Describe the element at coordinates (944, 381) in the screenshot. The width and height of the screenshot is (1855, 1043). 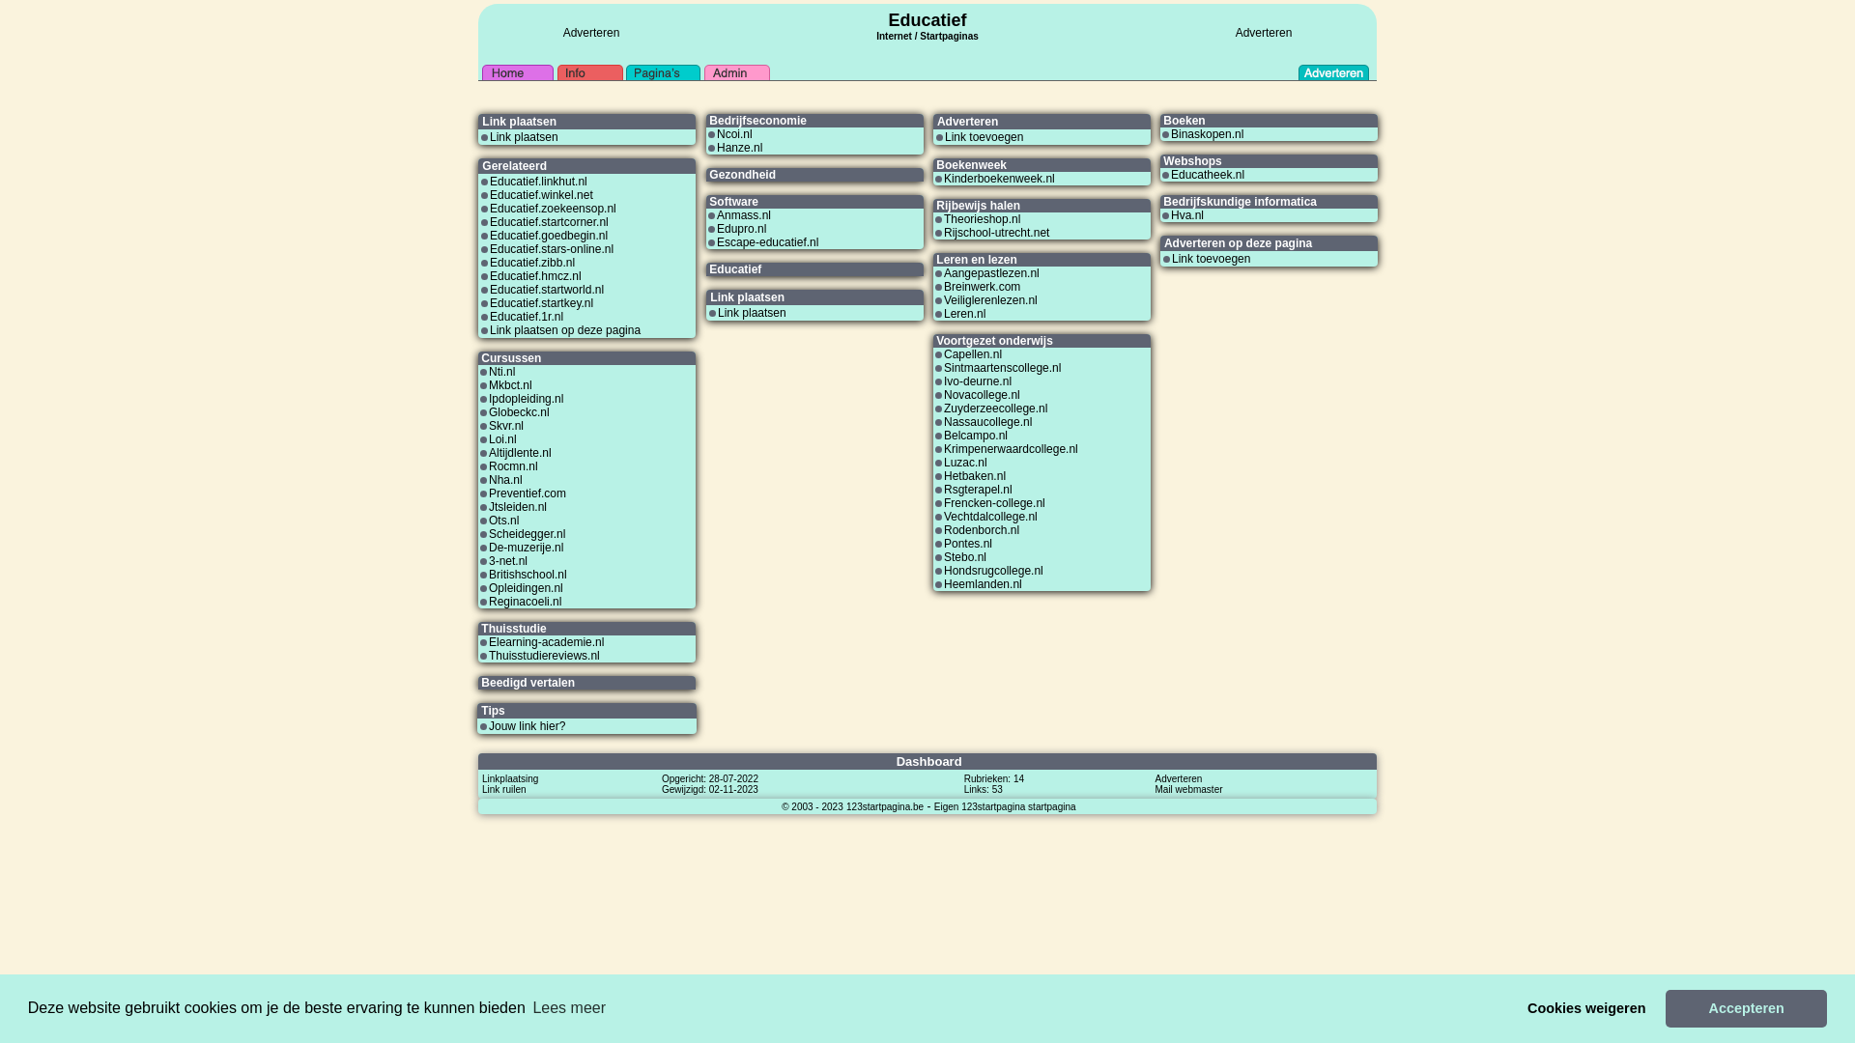
I see `'Ivo-deurne.nl'` at that location.